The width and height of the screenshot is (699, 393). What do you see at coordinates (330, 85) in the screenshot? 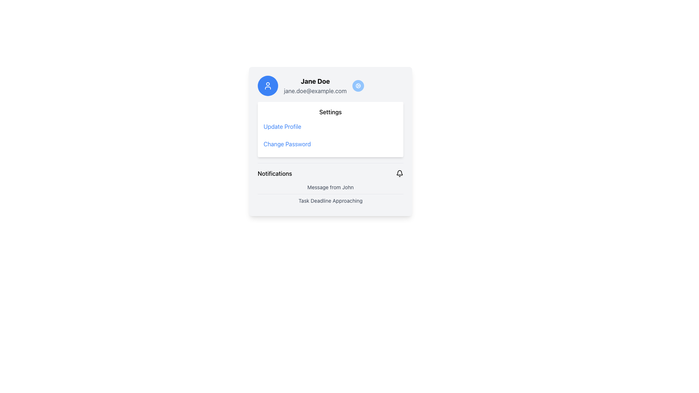
I see `content displayed in the text area that shows the user's name and email address, located in the top section of a card-like component, centered below a circular avatar` at bounding box center [330, 85].